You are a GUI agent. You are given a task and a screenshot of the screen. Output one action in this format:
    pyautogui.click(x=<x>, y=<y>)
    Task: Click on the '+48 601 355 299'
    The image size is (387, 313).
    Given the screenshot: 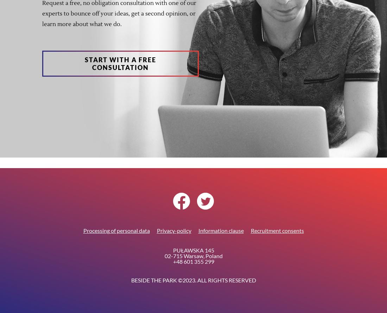 What is the action you would take?
    pyautogui.click(x=173, y=261)
    